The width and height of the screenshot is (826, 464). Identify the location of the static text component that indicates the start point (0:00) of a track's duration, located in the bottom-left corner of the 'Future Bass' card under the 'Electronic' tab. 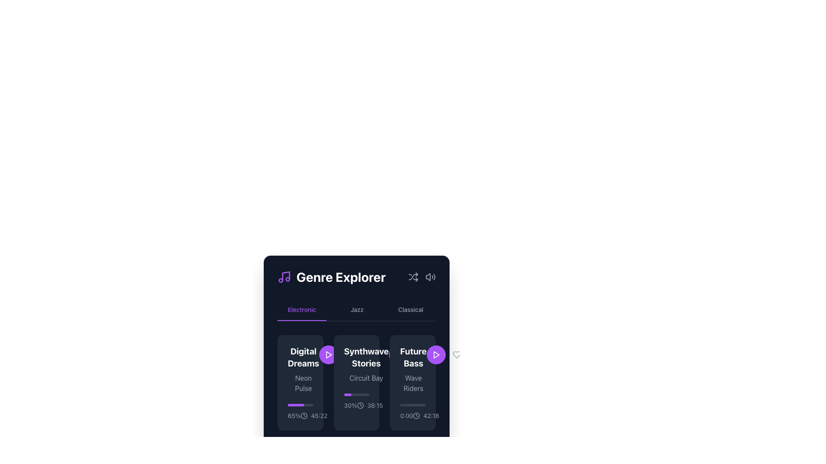
(412, 412).